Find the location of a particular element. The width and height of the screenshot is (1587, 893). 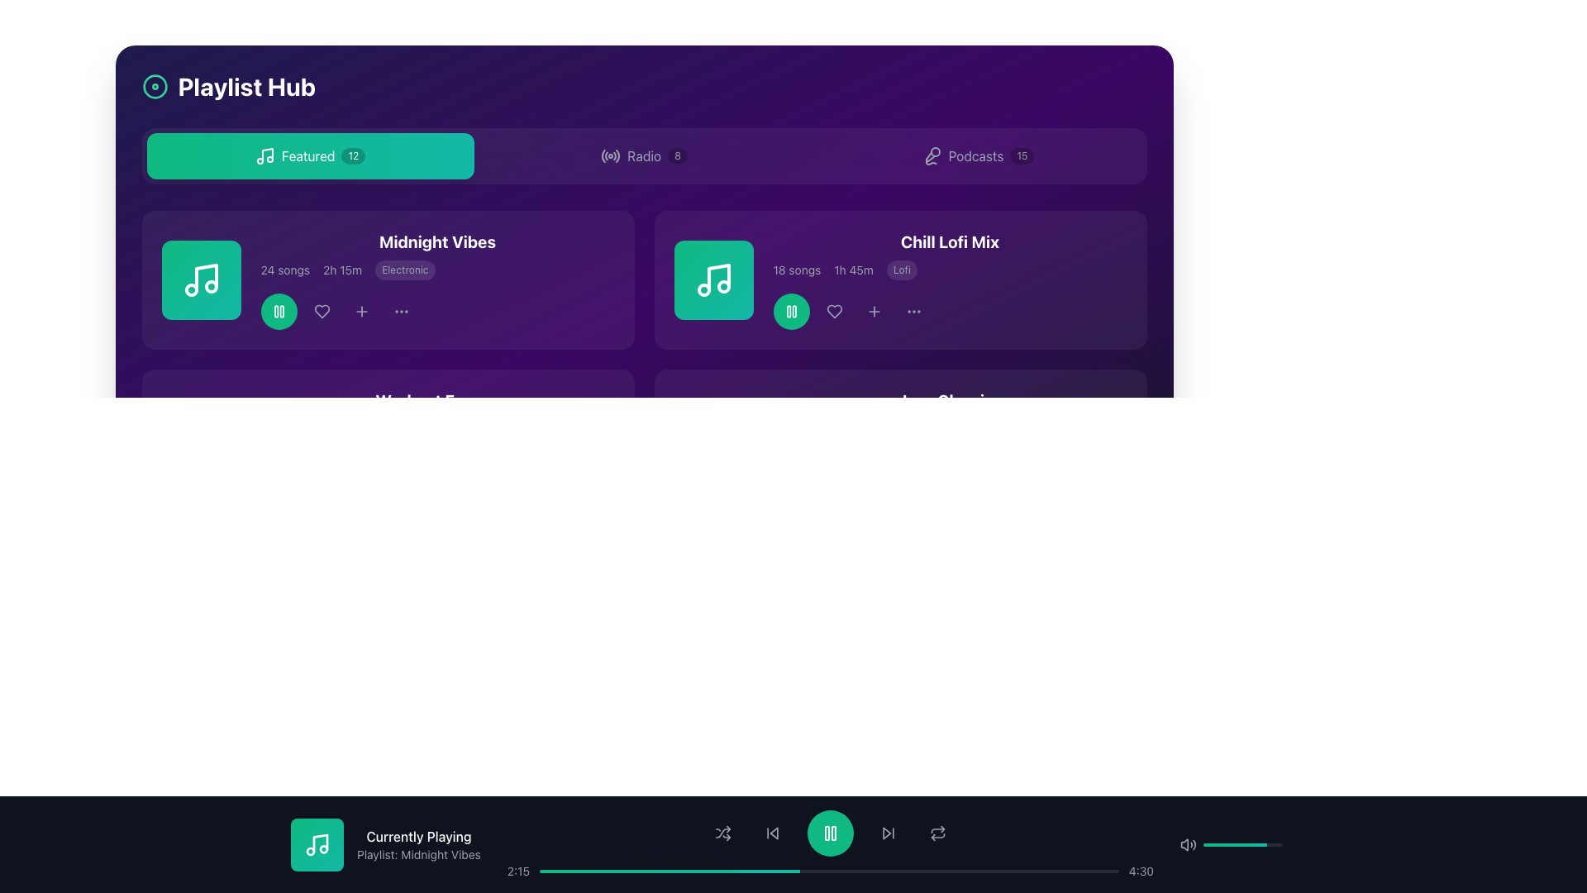

the forward skip button, which is a small icon with a dark background and light gray outline located in the bottom control bar, to the right of the central play button is located at coordinates (888, 833).